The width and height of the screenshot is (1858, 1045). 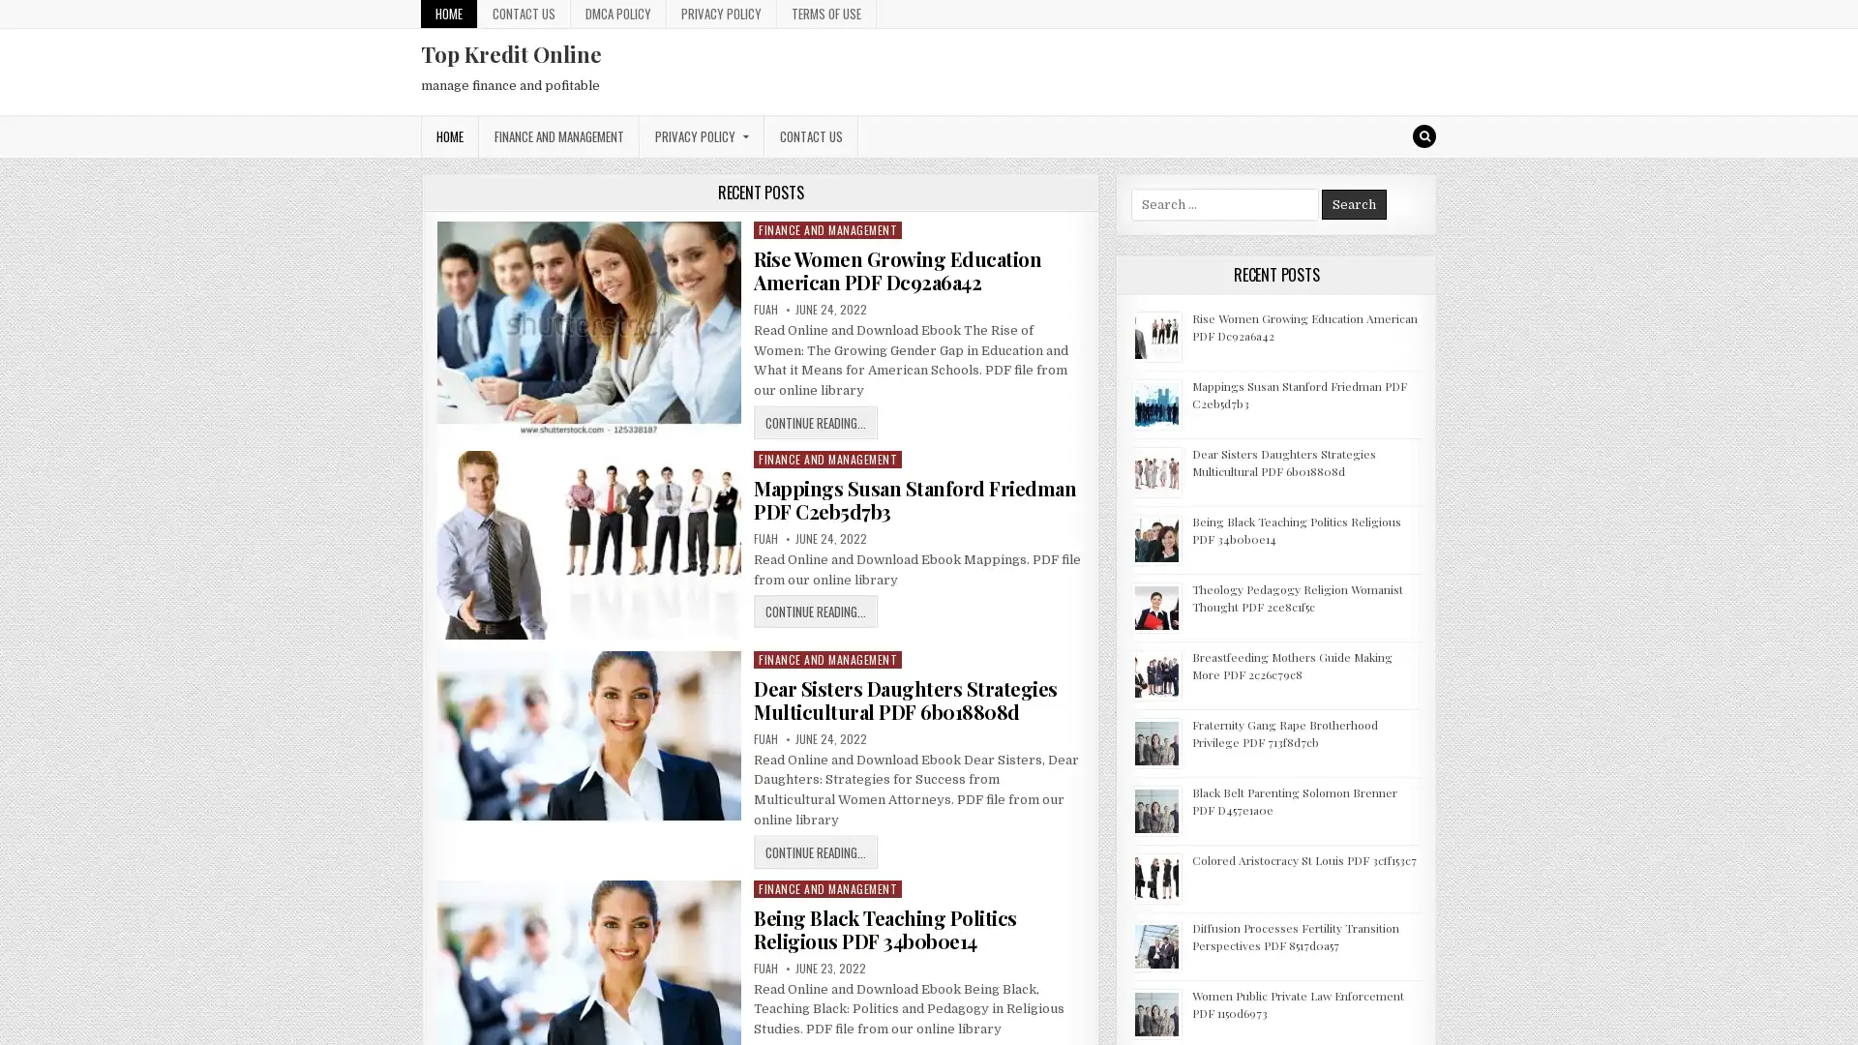 What do you see at coordinates (1353, 204) in the screenshot?
I see `Search` at bounding box center [1353, 204].